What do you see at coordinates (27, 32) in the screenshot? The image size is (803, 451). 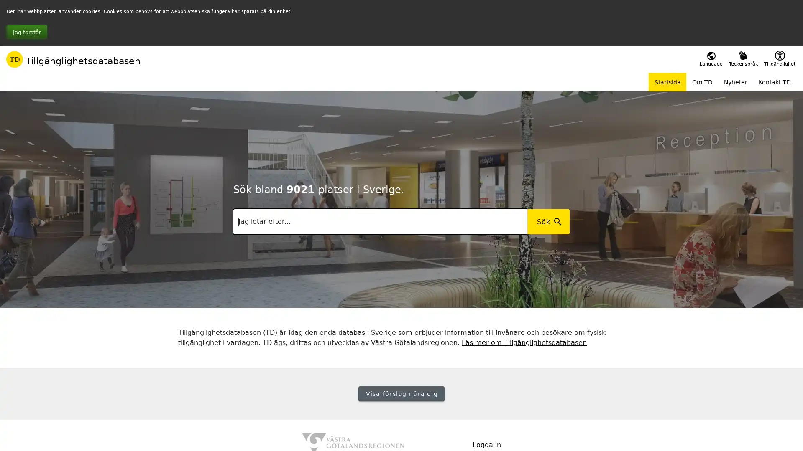 I see `Jag forstar` at bounding box center [27, 32].